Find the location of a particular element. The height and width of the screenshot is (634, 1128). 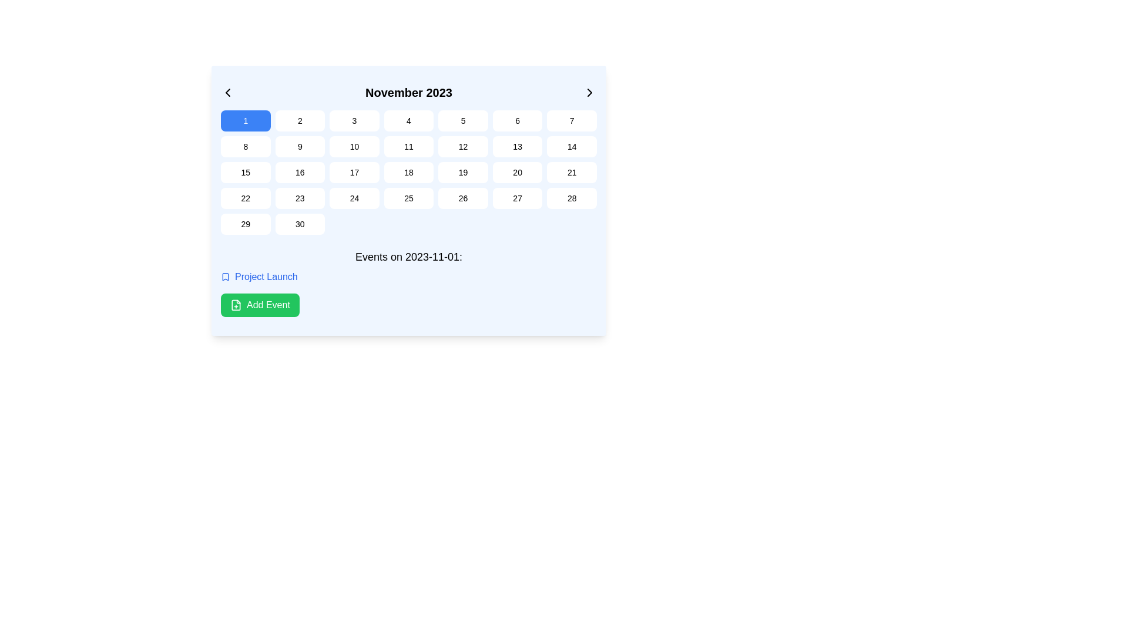

the rectangular button with a white background and the text '22' in black, located in the fourth row and first column of the calendar grid is located at coordinates (245, 198).